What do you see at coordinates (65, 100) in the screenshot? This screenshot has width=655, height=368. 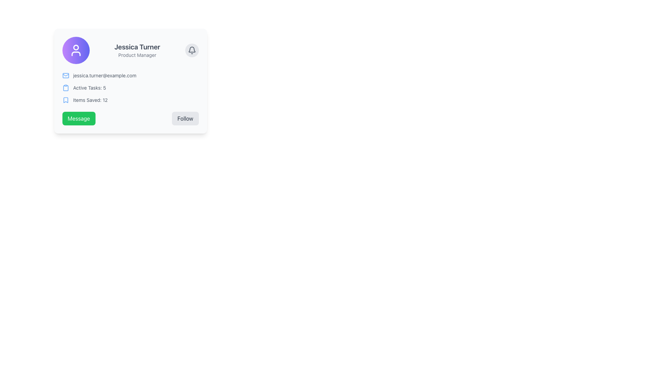 I see `the icon that visually indicates saved items, located to the left of the 'Items Saved: 12.' text` at bounding box center [65, 100].